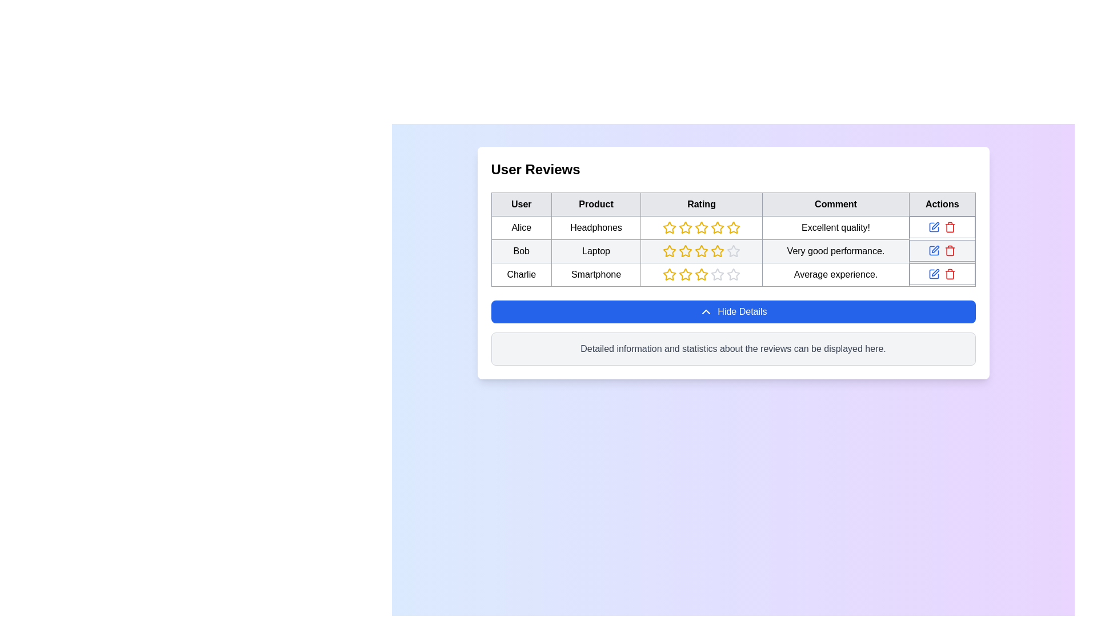  Describe the element at coordinates (717, 275) in the screenshot. I see `the sixth star icon representing a non-selected rating option in the star rating system for the user 'Charlie'` at that location.